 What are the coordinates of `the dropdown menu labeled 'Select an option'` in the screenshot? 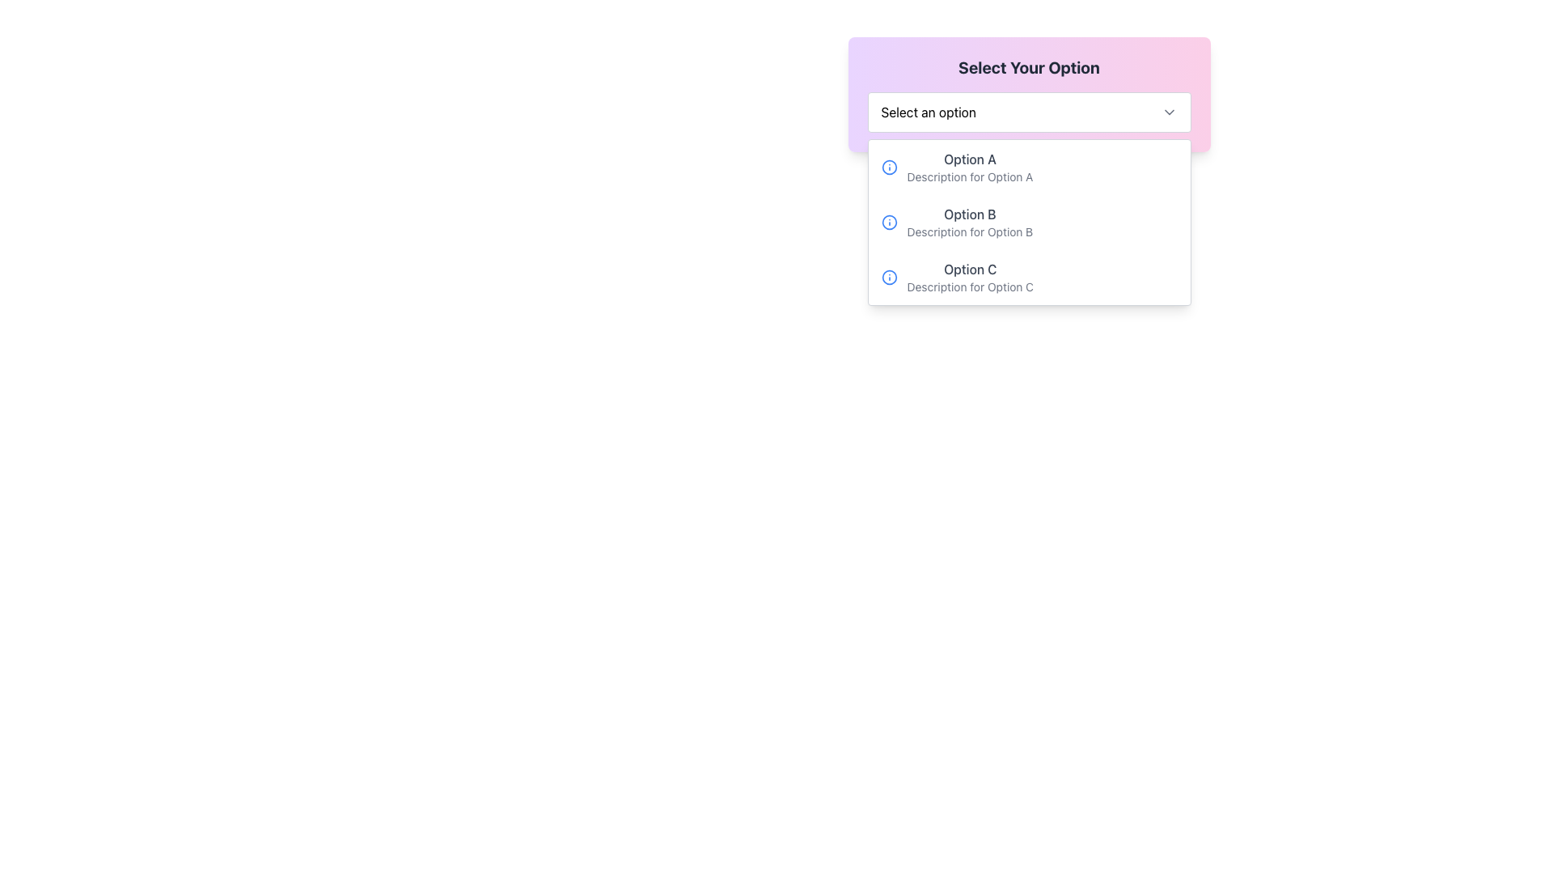 It's located at (1028, 111).